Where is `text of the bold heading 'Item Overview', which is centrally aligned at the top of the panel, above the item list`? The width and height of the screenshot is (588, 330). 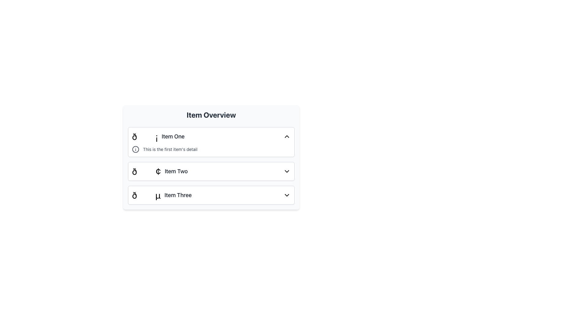 text of the bold heading 'Item Overview', which is centrally aligned at the top of the panel, above the item list is located at coordinates (211, 115).